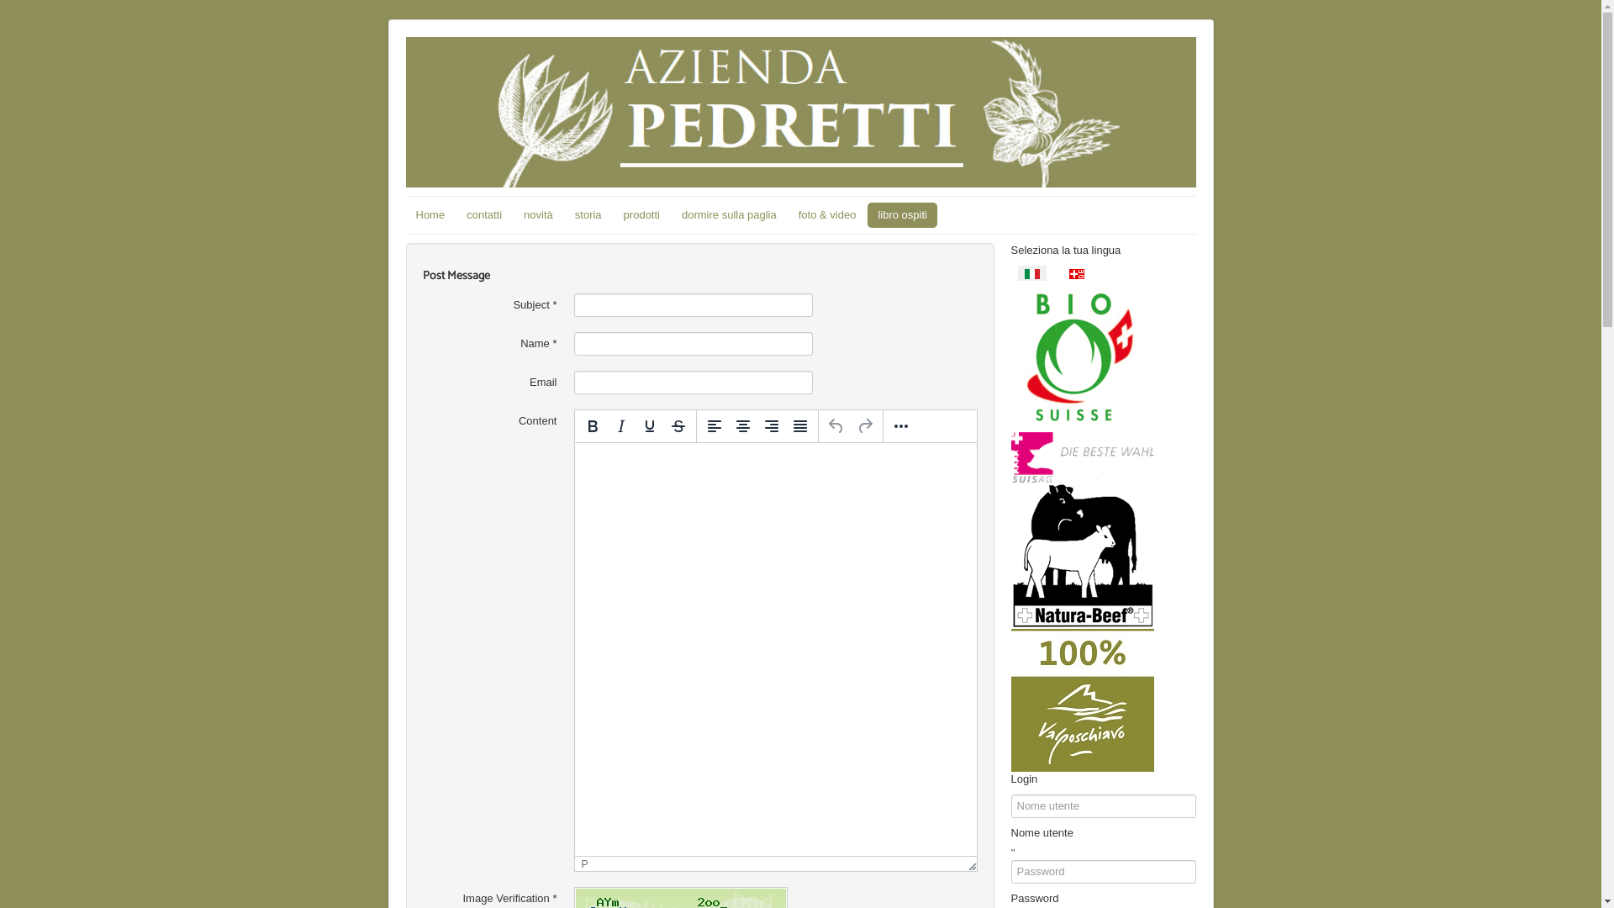 The height and width of the screenshot is (908, 1614). What do you see at coordinates (729, 214) in the screenshot?
I see `'dormire sulla paglia'` at bounding box center [729, 214].